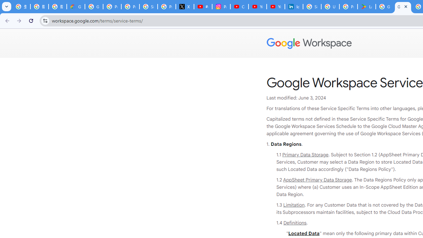 The image size is (423, 238). What do you see at coordinates (403, 7) in the screenshot?
I see `'Google Workspace - Specific Terms'` at bounding box center [403, 7].